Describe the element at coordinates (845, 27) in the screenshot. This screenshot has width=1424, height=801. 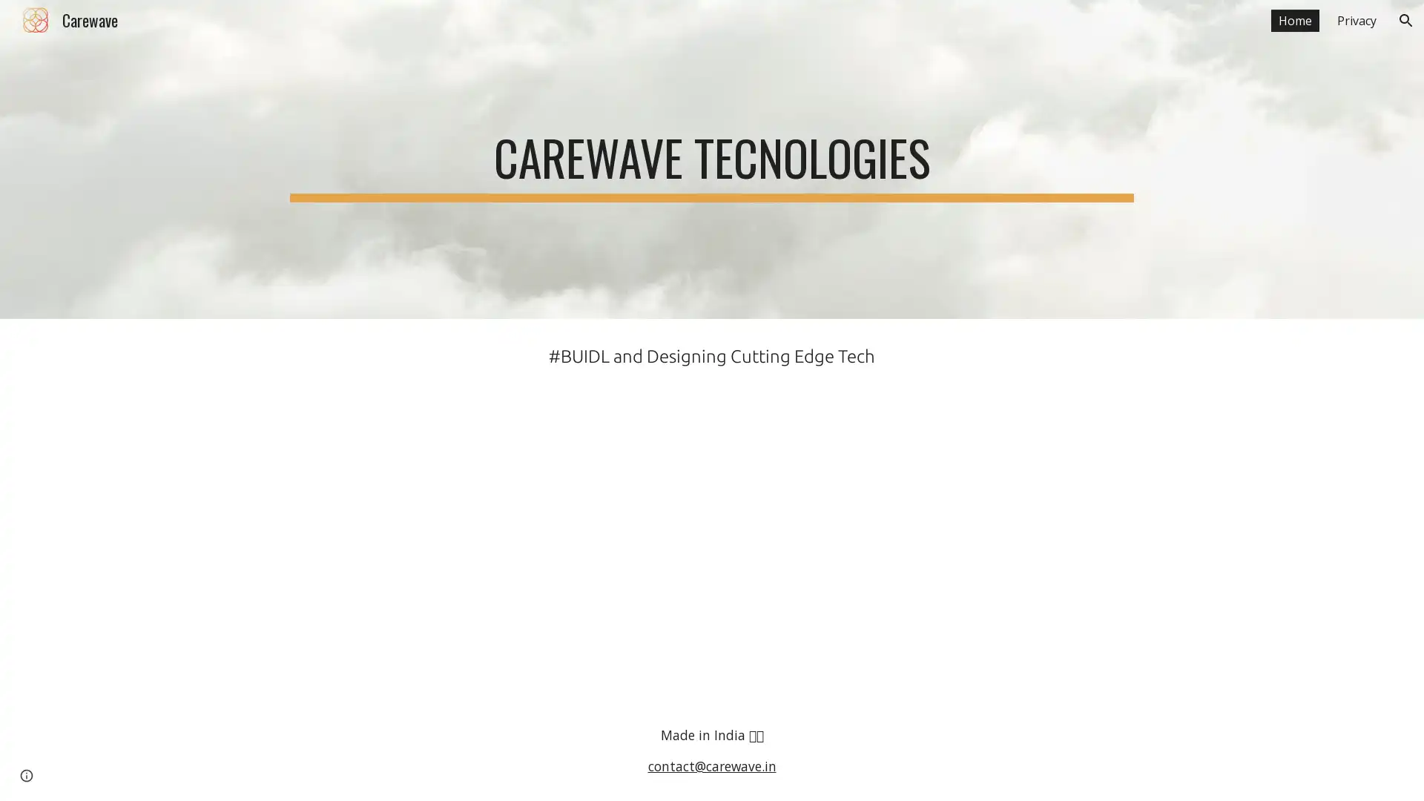
I see `Skip to navigation` at that location.